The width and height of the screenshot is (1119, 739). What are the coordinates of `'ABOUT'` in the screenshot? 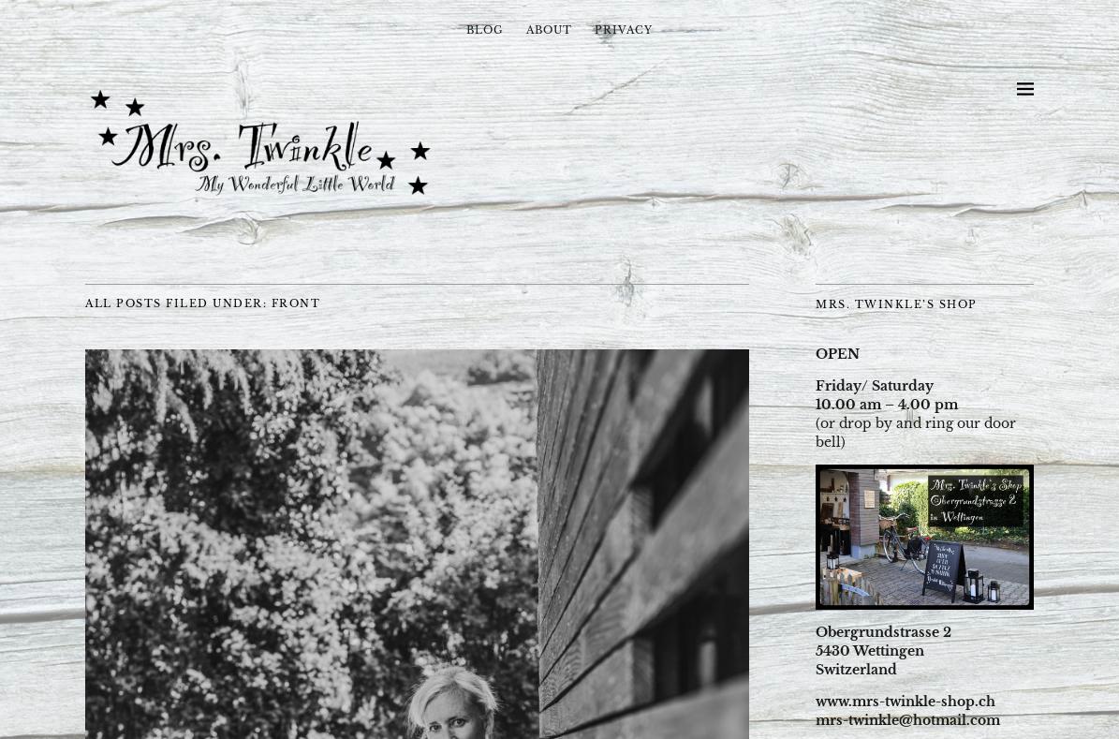 It's located at (549, 29).